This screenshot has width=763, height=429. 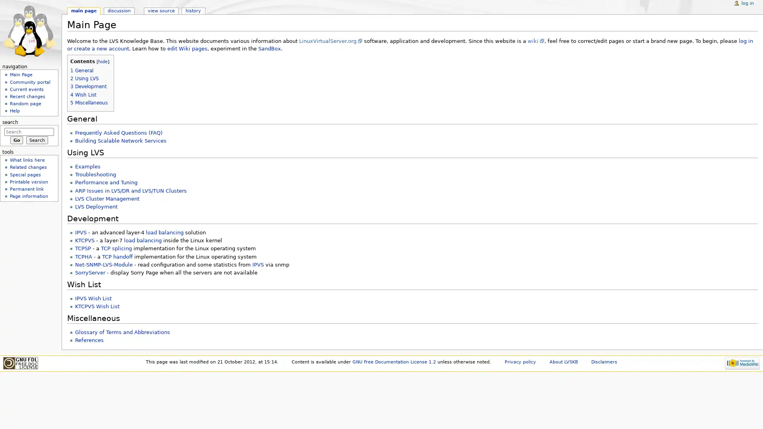 I want to click on Go, so click(x=16, y=139).